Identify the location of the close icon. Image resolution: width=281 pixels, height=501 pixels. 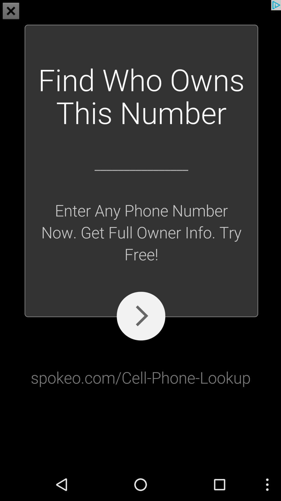
(11, 11).